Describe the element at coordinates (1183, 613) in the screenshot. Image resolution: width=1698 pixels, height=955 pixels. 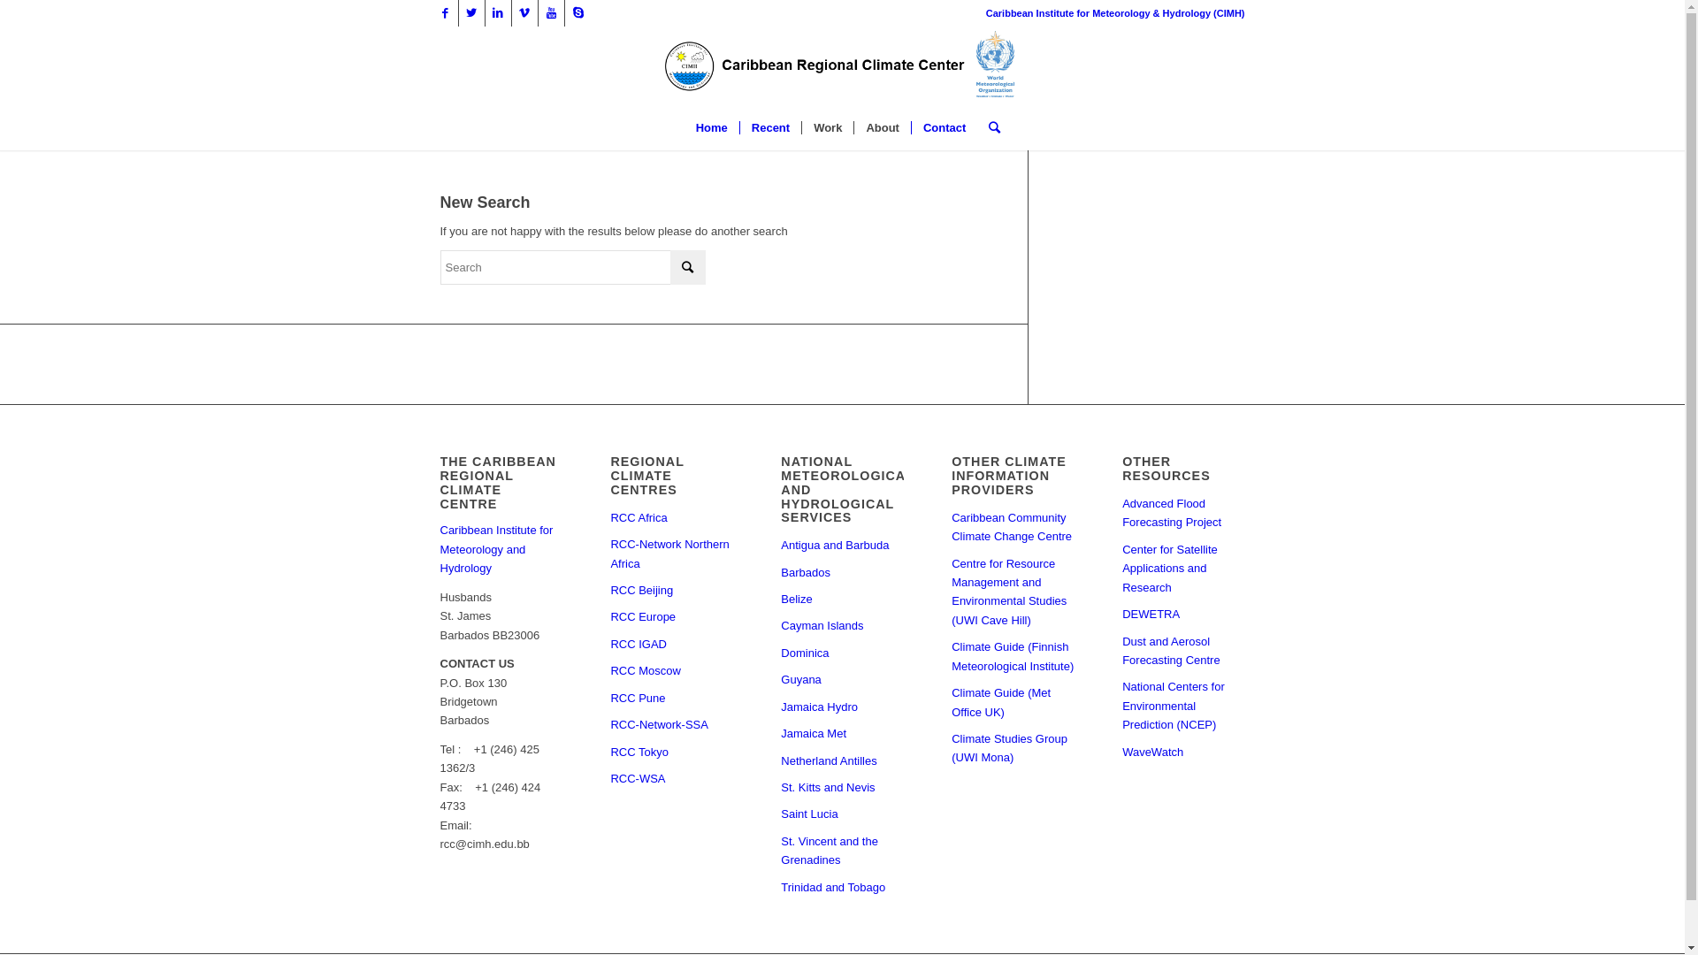
I see `'DEWETRA'` at that location.